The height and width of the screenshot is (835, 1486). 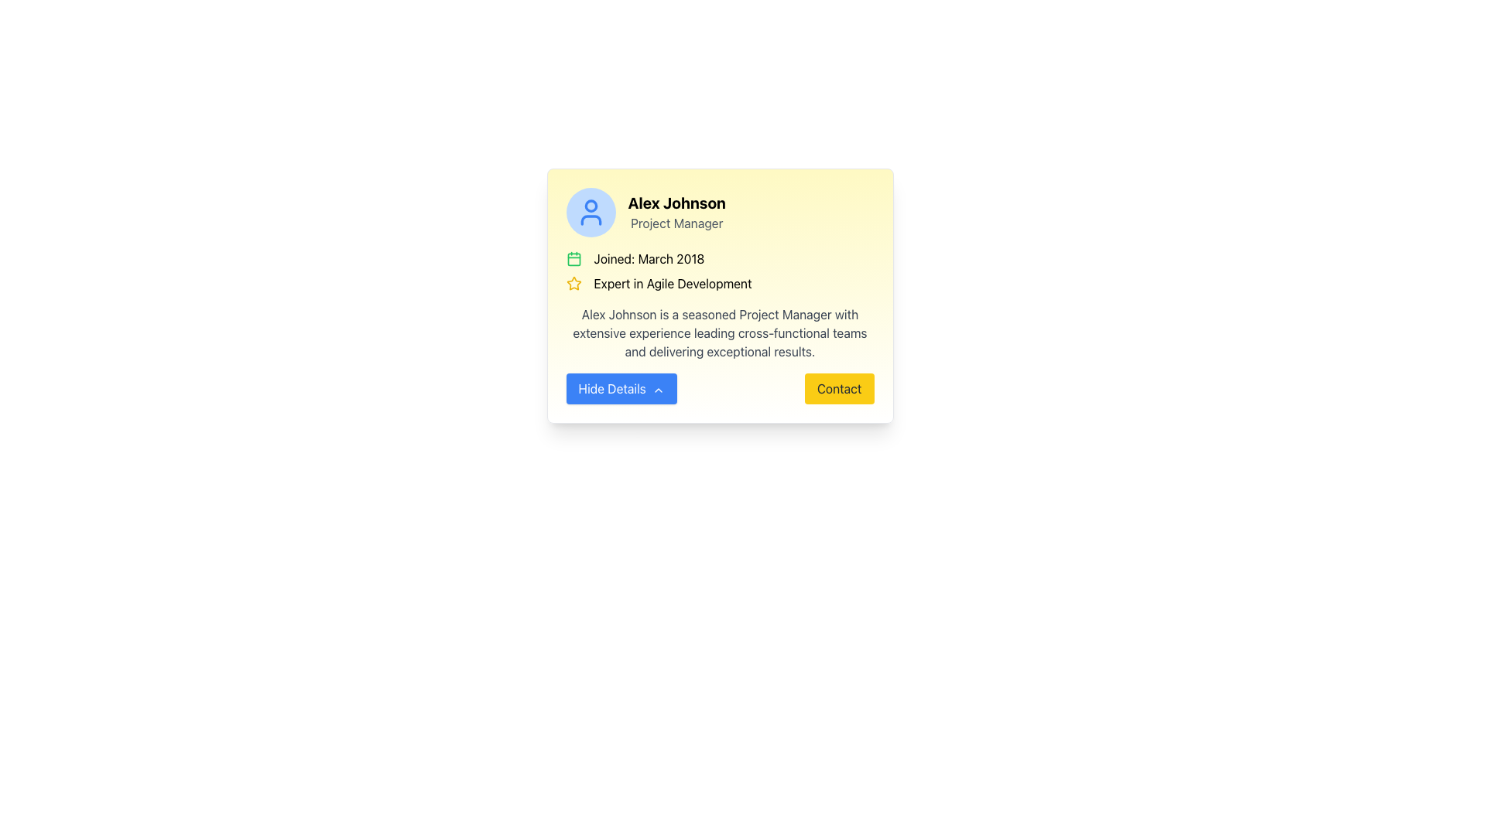 What do you see at coordinates (573, 283) in the screenshot?
I see `the star icon indicating 'Expert in Agile Development' located to the left of the corresponding text in the user detail card` at bounding box center [573, 283].